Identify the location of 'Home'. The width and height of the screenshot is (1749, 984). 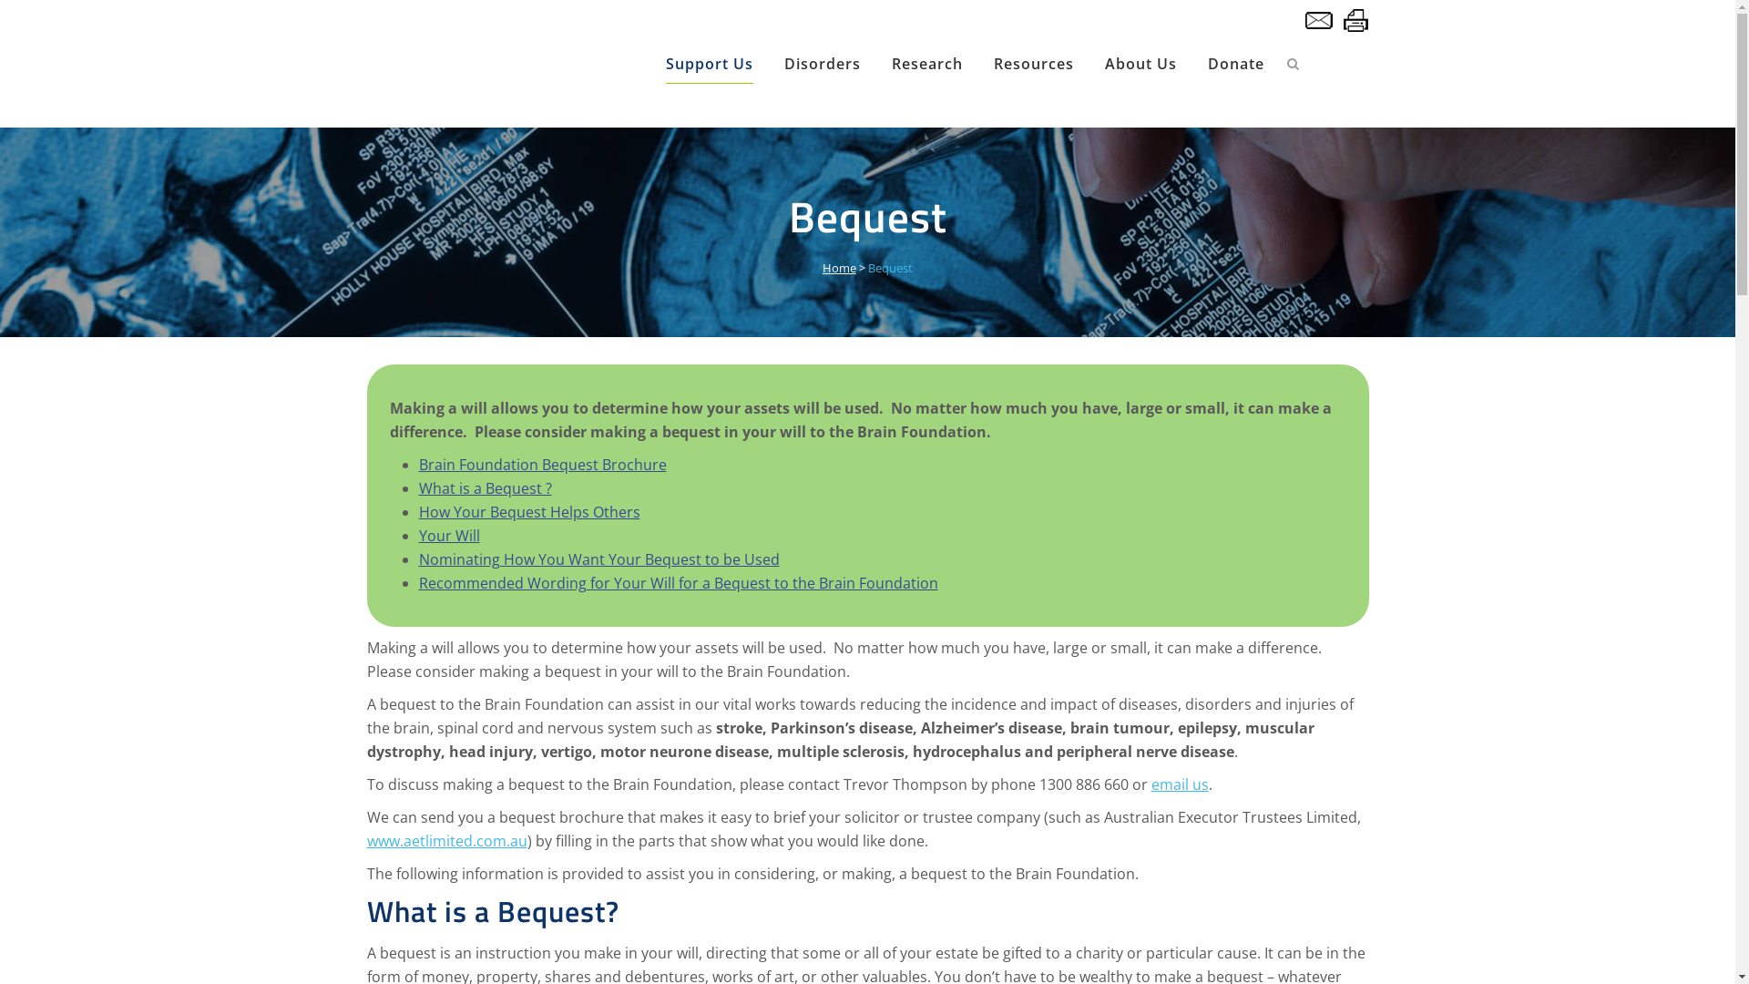
(821, 267).